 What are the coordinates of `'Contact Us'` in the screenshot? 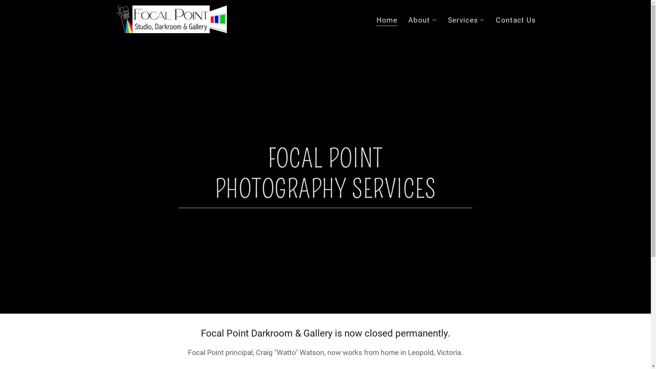 It's located at (493, 19).